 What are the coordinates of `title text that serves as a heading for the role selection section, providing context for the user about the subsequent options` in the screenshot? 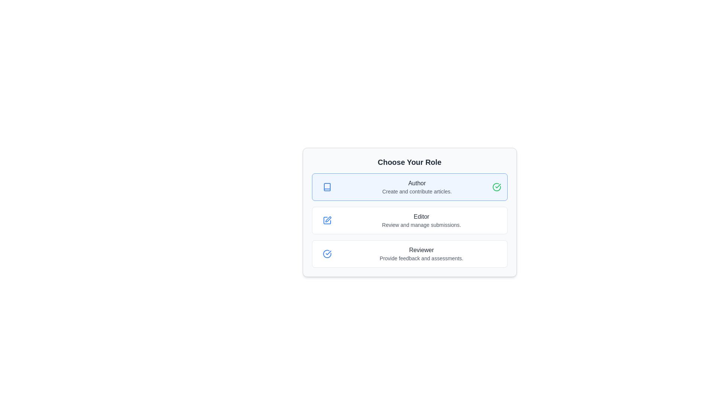 It's located at (409, 162).